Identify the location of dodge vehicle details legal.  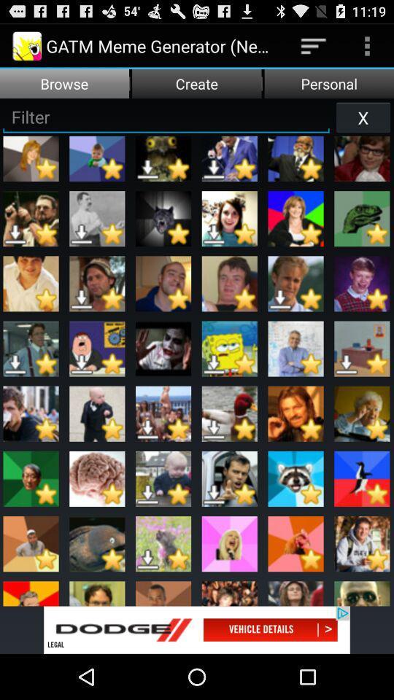
(197, 629).